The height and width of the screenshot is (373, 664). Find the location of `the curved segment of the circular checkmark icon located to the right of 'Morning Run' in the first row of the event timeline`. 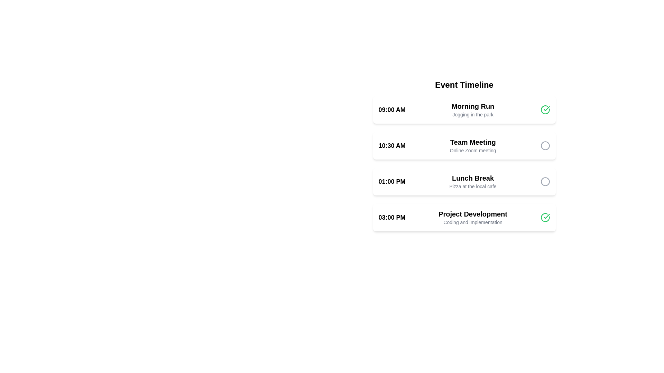

the curved segment of the circular checkmark icon located to the right of 'Morning Run' in the first row of the event timeline is located at coordinates (545, 217).